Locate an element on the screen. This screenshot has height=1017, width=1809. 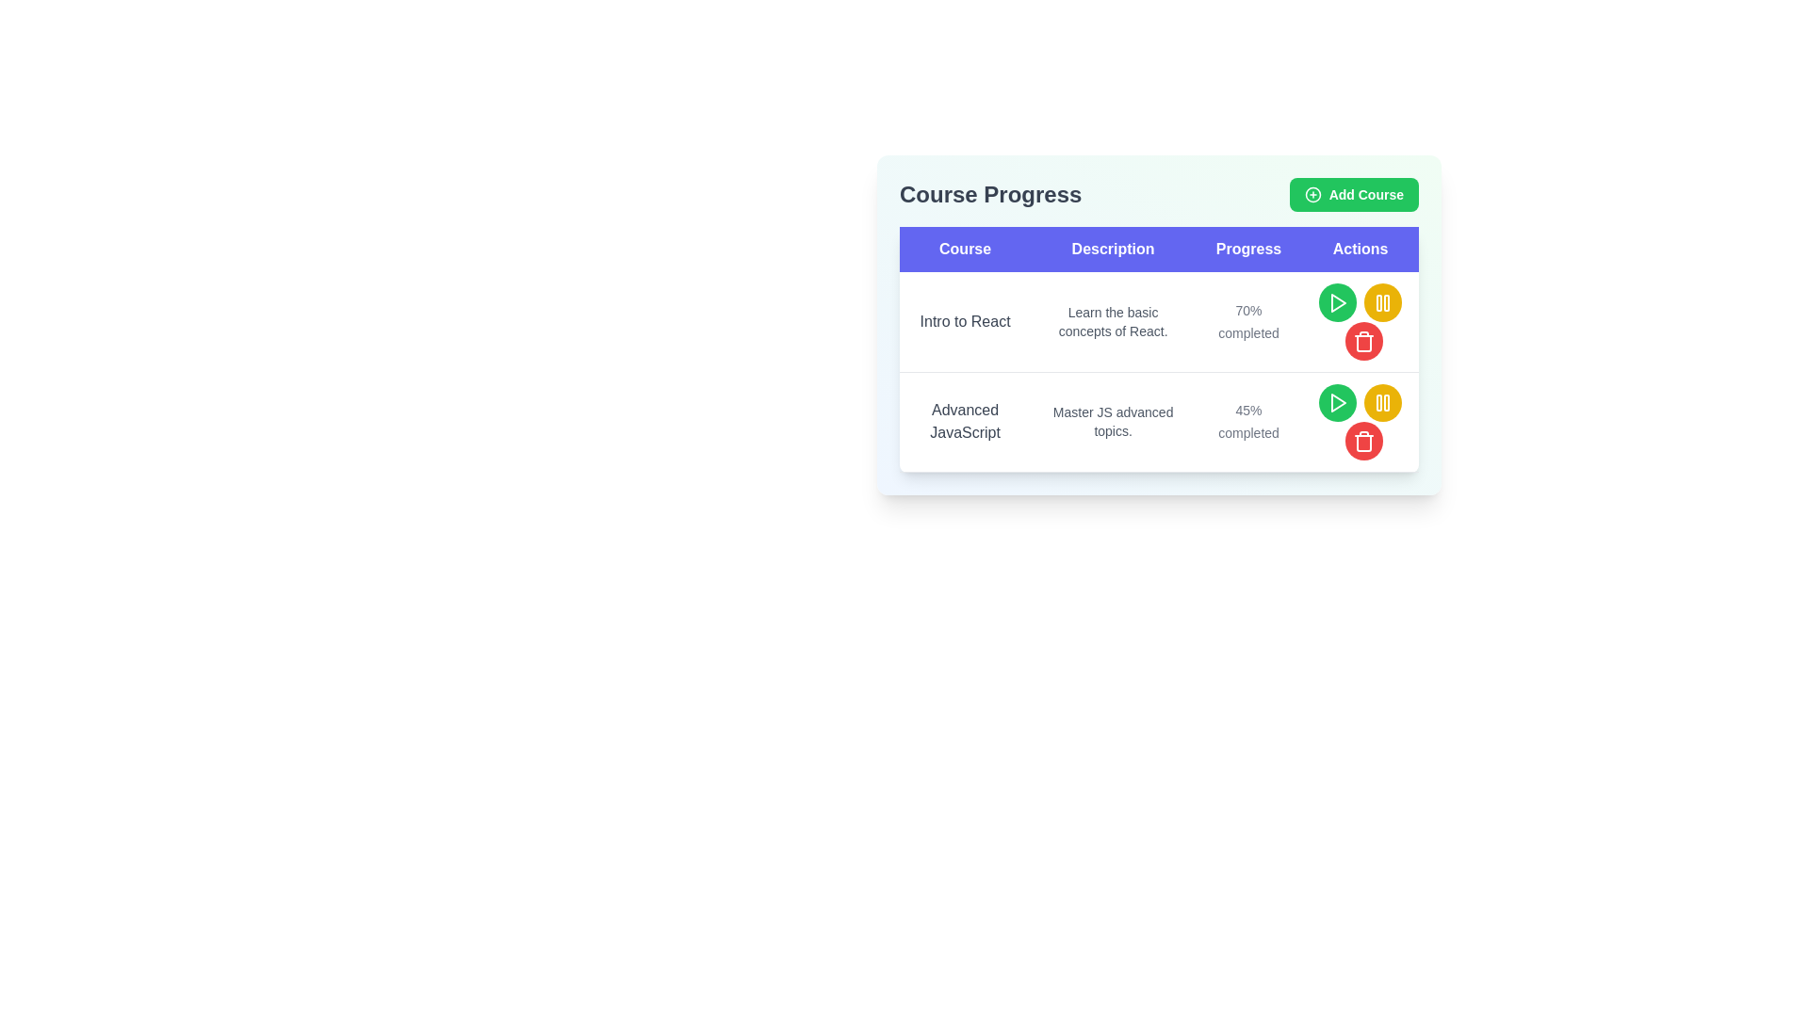
the header label is located at coordinates (965, 249).